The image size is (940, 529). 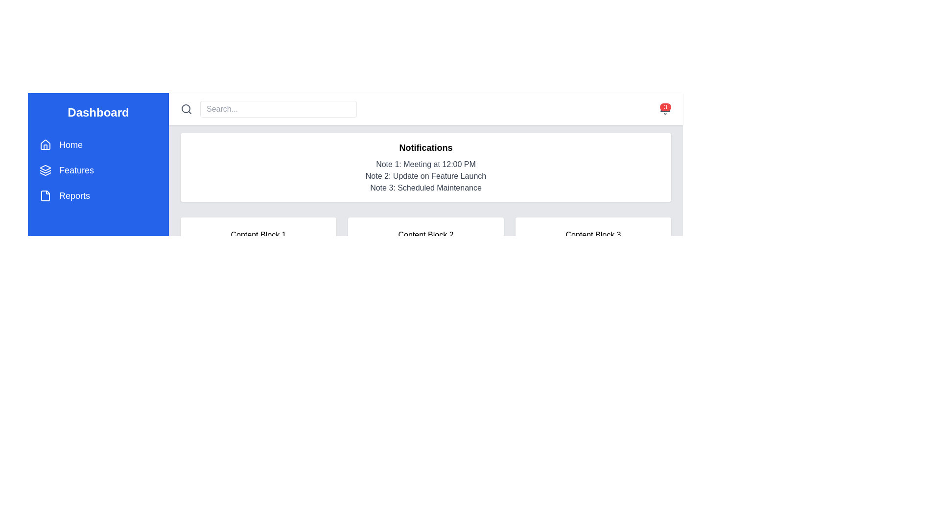 What do you see at coordinates (425, 175) in the screenshot?
I see `the text block displaying notes in the notifications section, which includes 'Note 1: Meeting at 12:00 PM', 'Note 2: Update on Feature Launch', and 'Note 3: Scheduled Maintenance'` at bounding box center [425, 175].